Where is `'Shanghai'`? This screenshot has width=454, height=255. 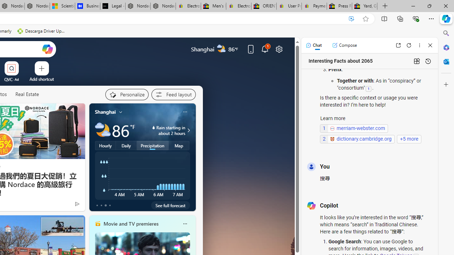 'Shanghai' is located at coordinates (105, 112).